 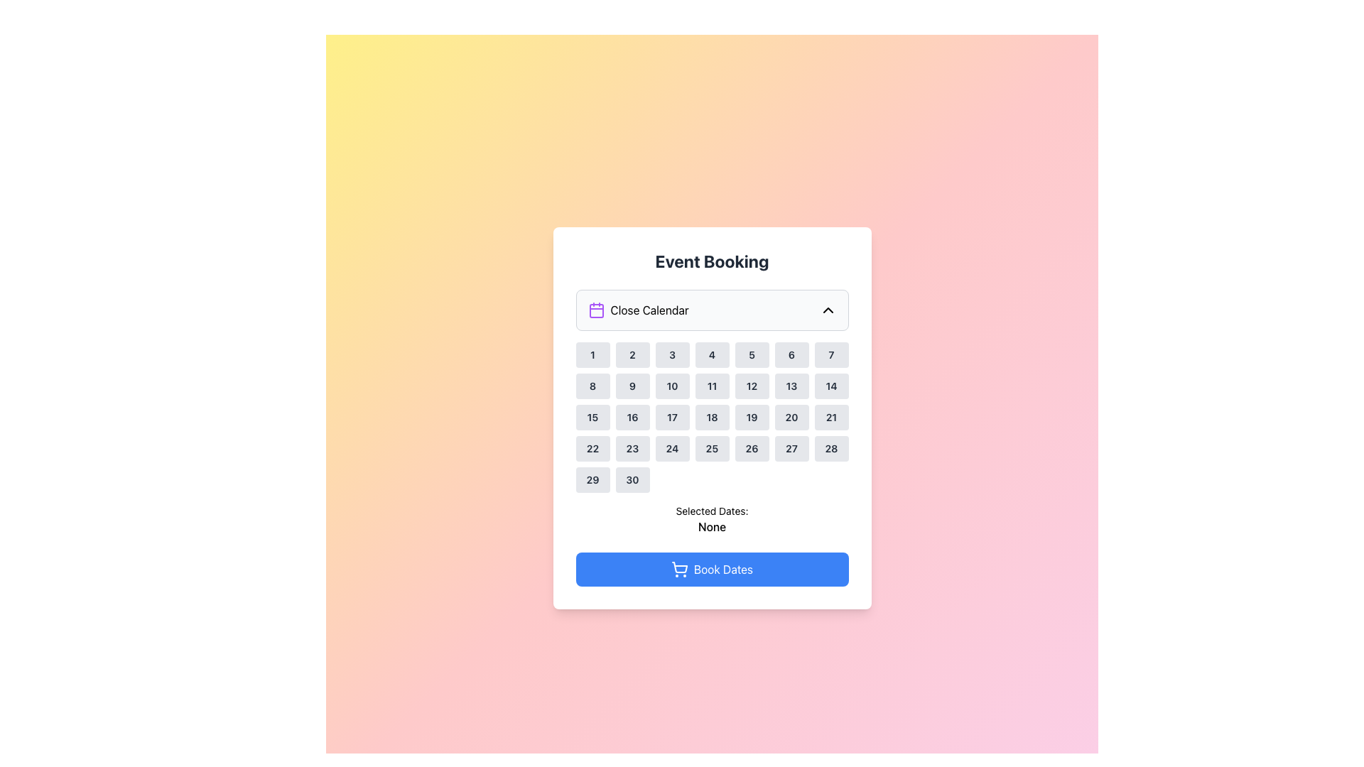 What do you see at coordinates (649, 309) in the screenshot?
I see `the text label that indicates the current mode or state of the calendar, specifically the 'Close Calendar' label located near the top-center of the calendar interface` at bounding box center [649, 309].